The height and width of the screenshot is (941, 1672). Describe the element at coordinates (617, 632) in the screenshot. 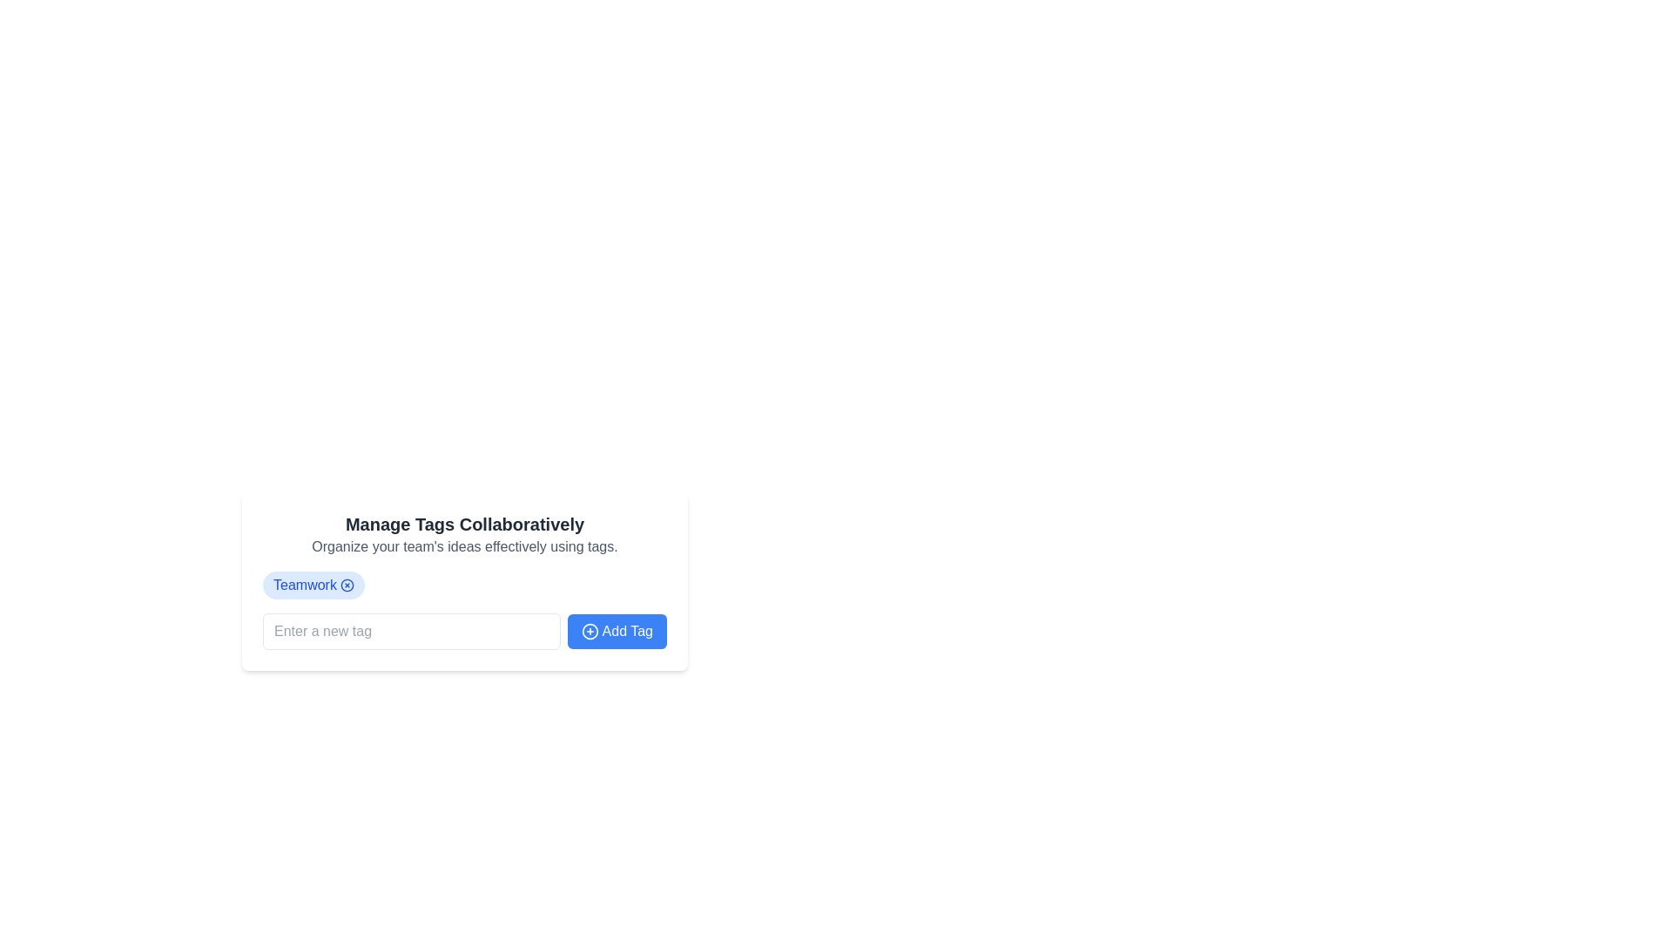

I see `the blue rectangular 'Add Tag' button with a white text label and circular plus icon` at that location.